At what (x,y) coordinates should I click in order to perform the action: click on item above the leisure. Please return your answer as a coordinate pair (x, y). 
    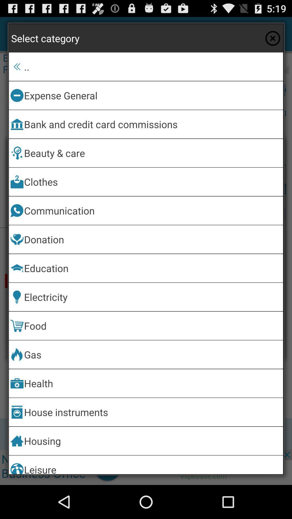
    Looking at the image, I should click on (152, 441).